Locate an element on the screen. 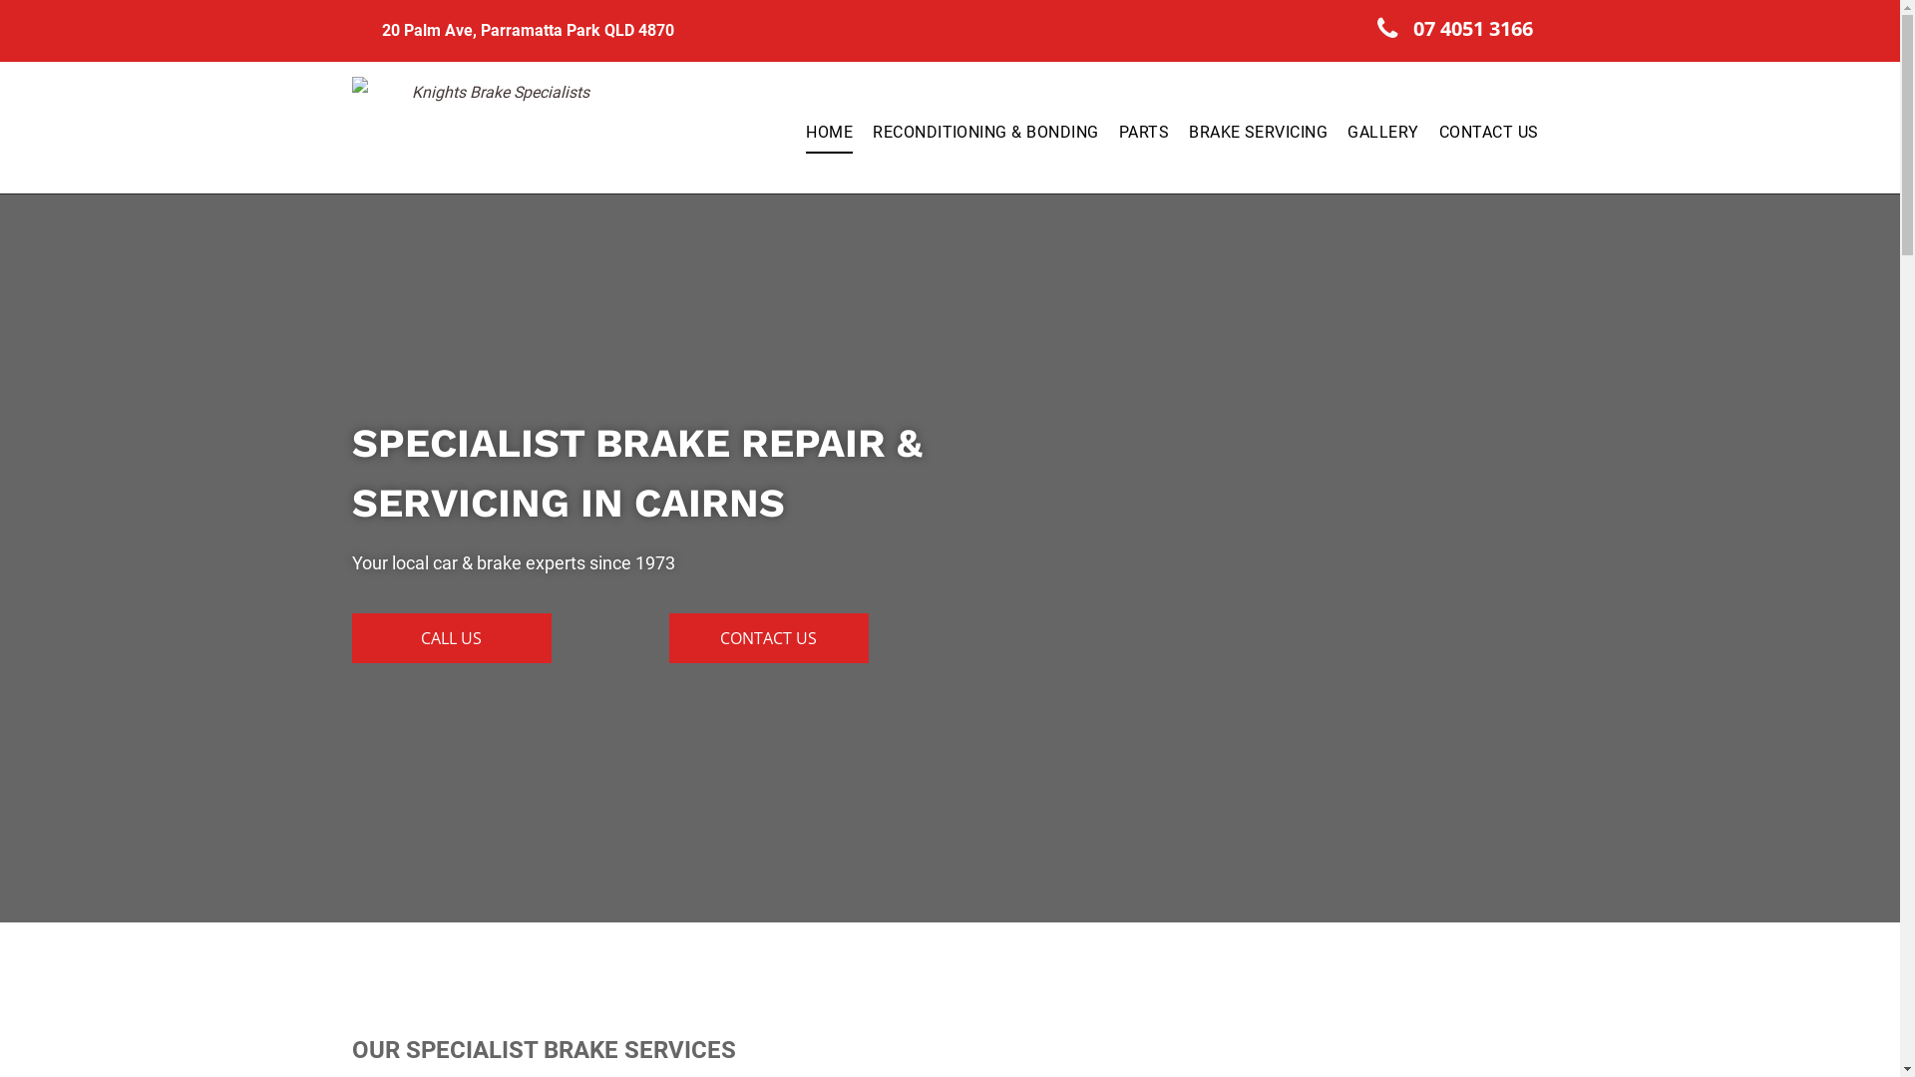 The width and height of the screenshot is (1915, 1077). 'HOME' is located at coordinates (829, 132).